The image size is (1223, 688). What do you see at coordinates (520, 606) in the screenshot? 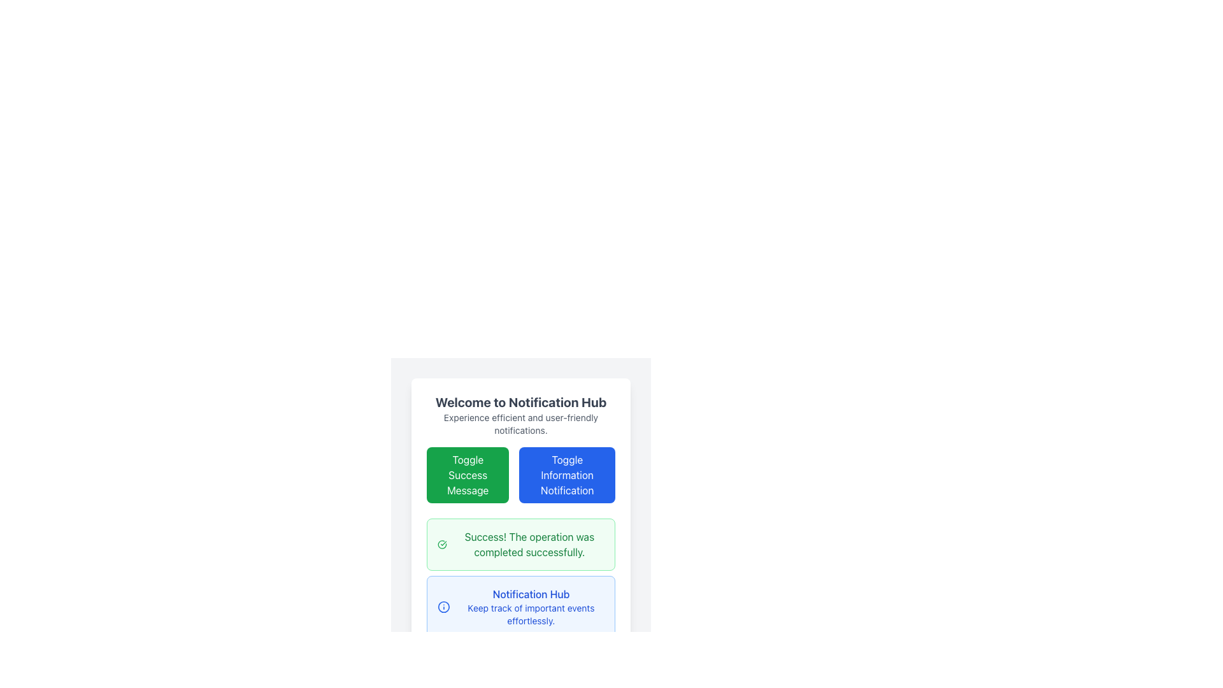
I see `the second notification box, which provides general information notifications to the user` at bounding box center [520, 606].